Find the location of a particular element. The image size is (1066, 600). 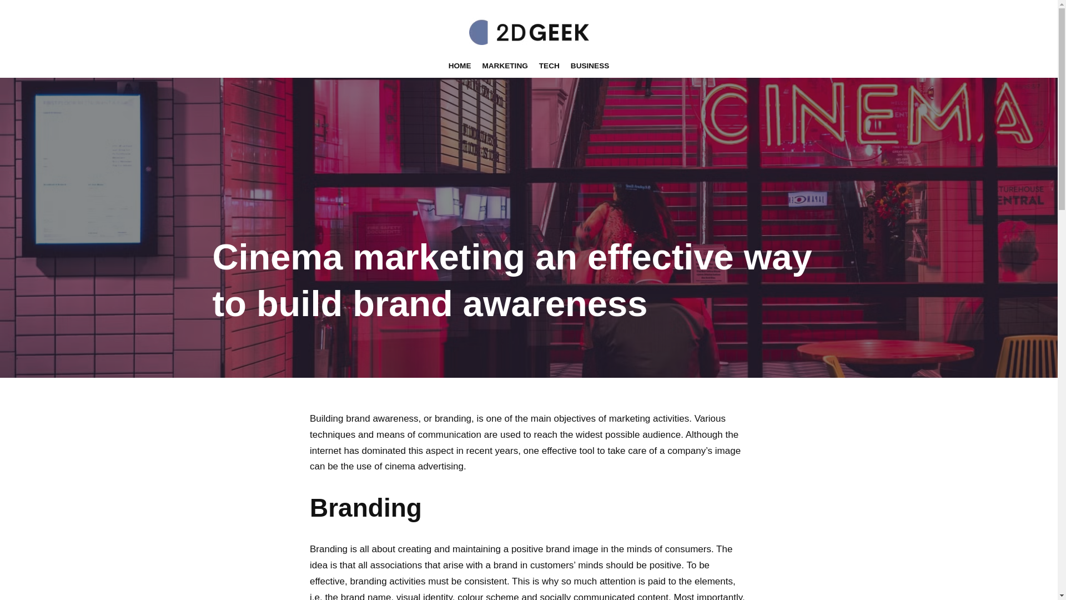

'HOME' is located at coordinates (460, 66).